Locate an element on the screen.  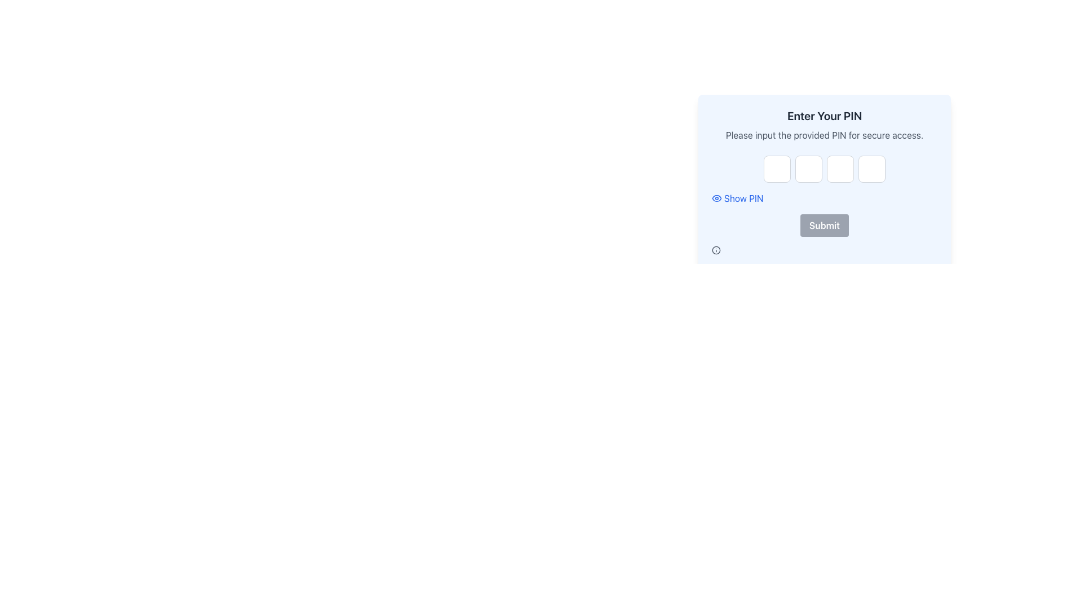
the 'Submit' button located at the lower right section of the 'Enter Your PIN' card, which is currently styled as non-interactive is located at coordinates (825, 226).